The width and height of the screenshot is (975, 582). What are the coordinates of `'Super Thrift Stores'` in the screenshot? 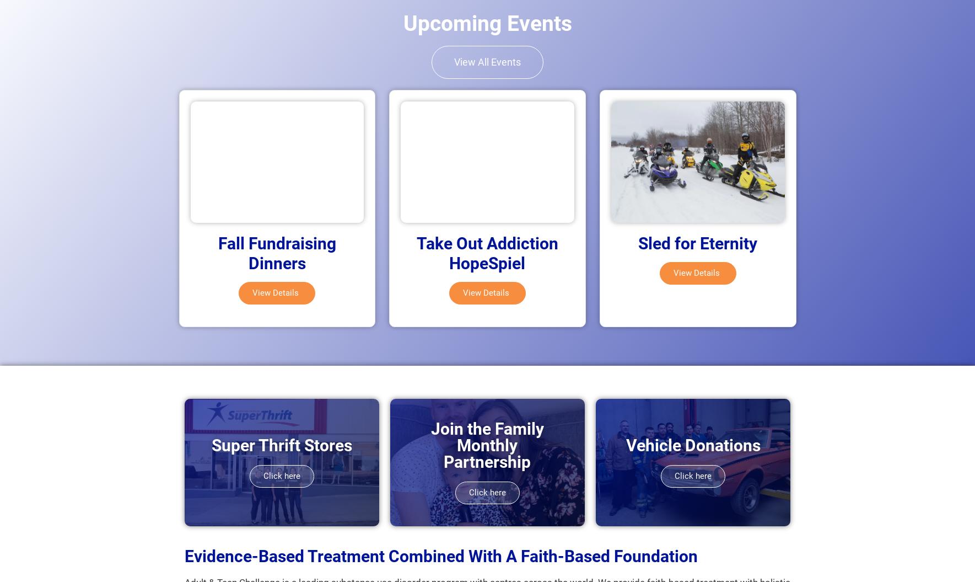 It's located at (281, 445).